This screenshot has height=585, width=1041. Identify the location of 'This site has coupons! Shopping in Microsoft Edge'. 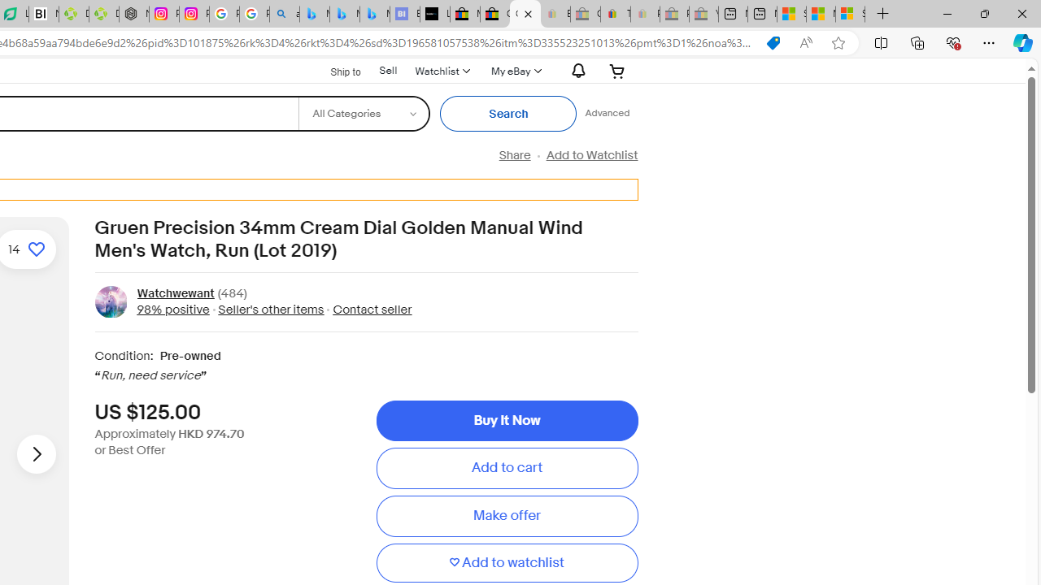
(773, 42).